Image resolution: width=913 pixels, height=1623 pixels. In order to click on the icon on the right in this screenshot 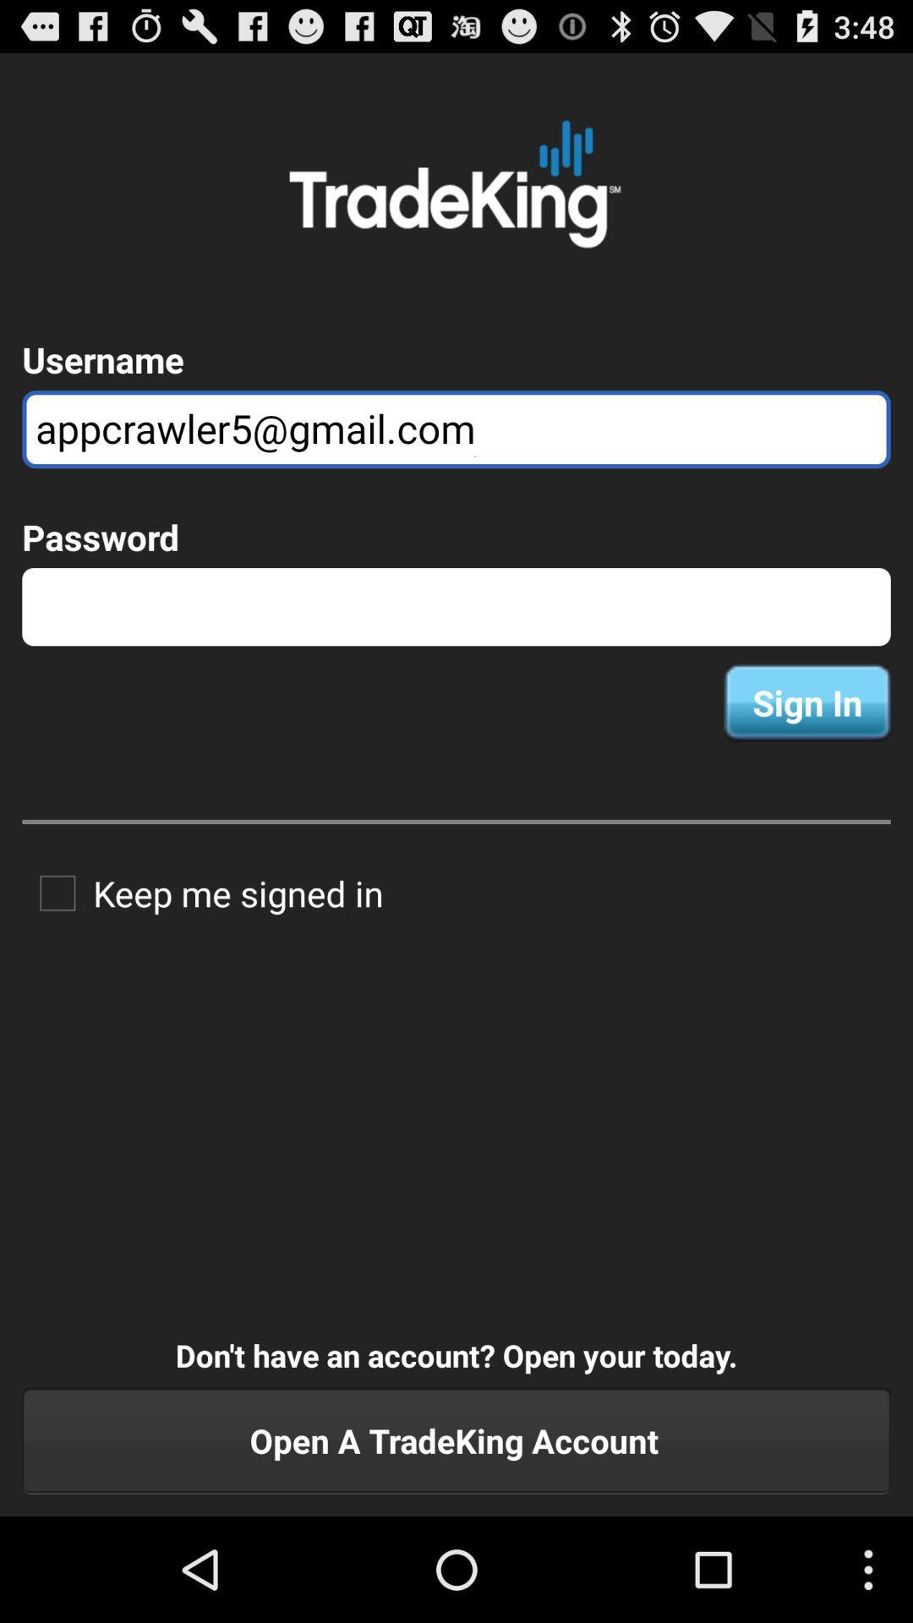, I will do `click(806, 702)`.